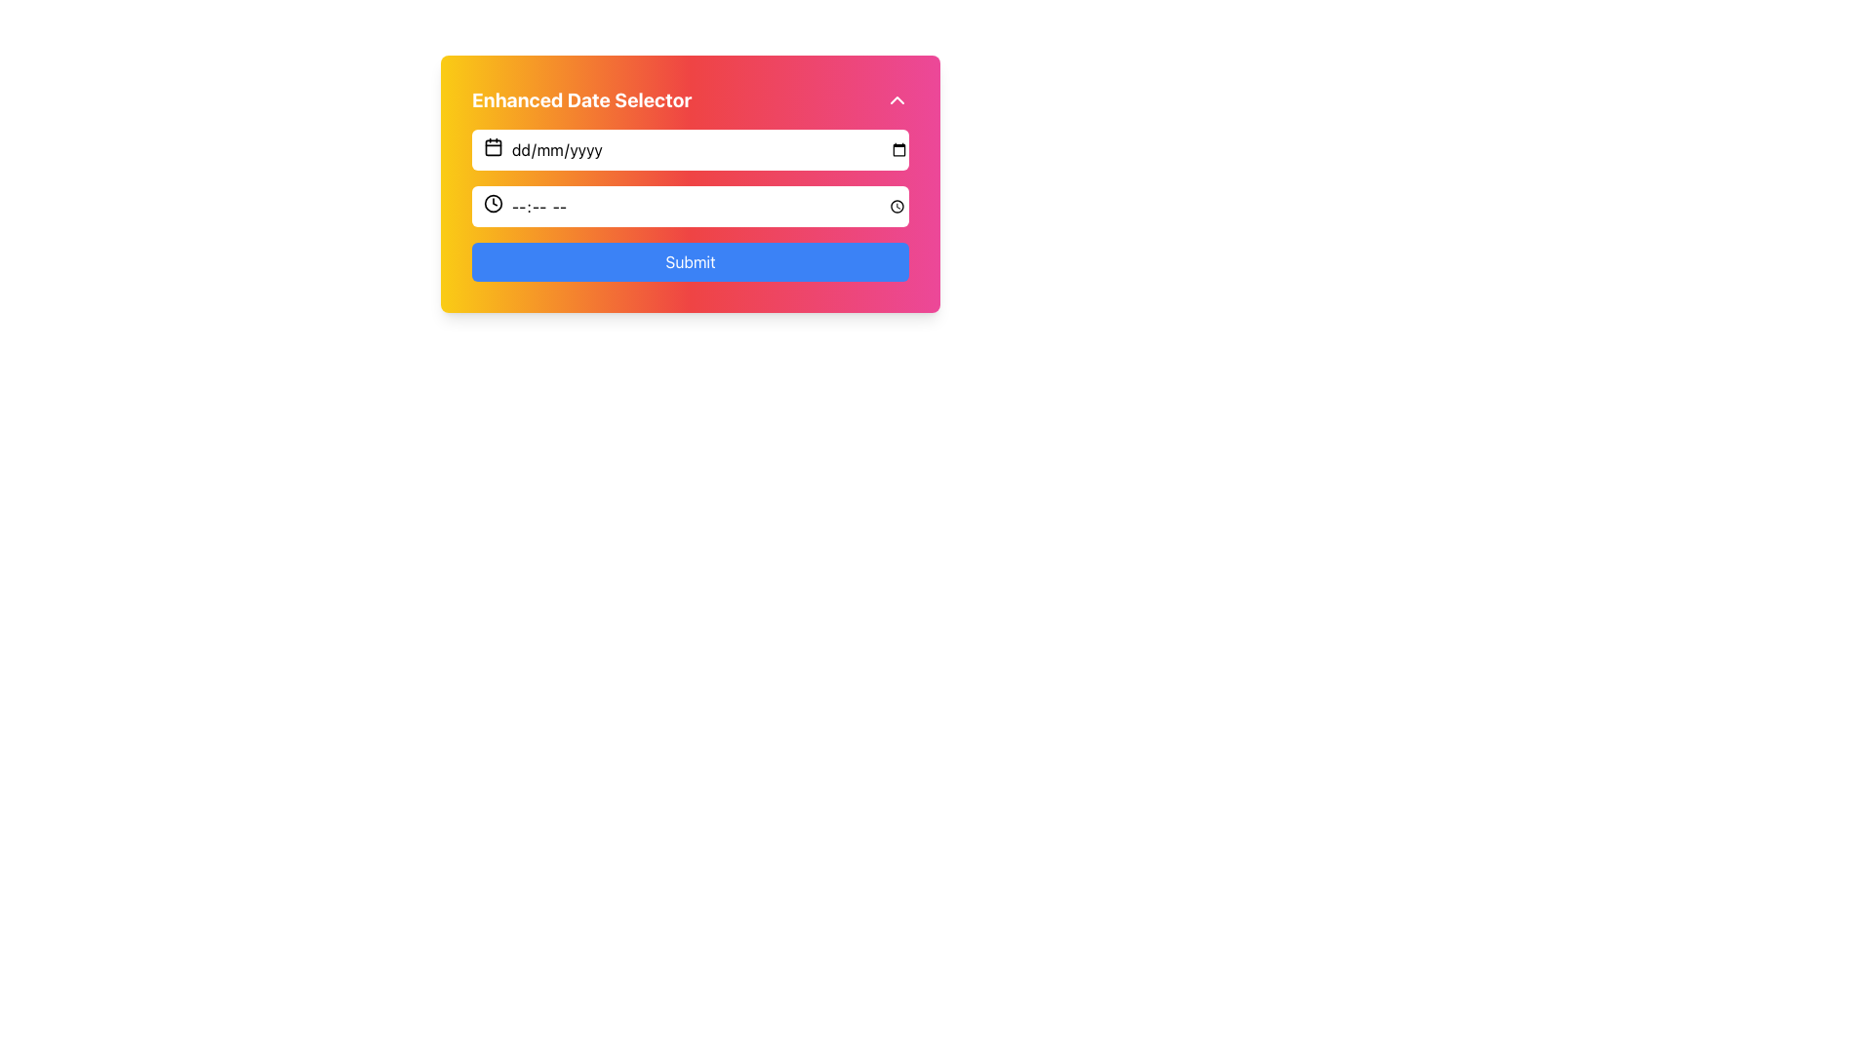 This screenshot has height=1053, width=1873. I want to click on the SVG calendar icon located to the left of the date input field in the Enhanced Date Selector UI, so click(493, 145).